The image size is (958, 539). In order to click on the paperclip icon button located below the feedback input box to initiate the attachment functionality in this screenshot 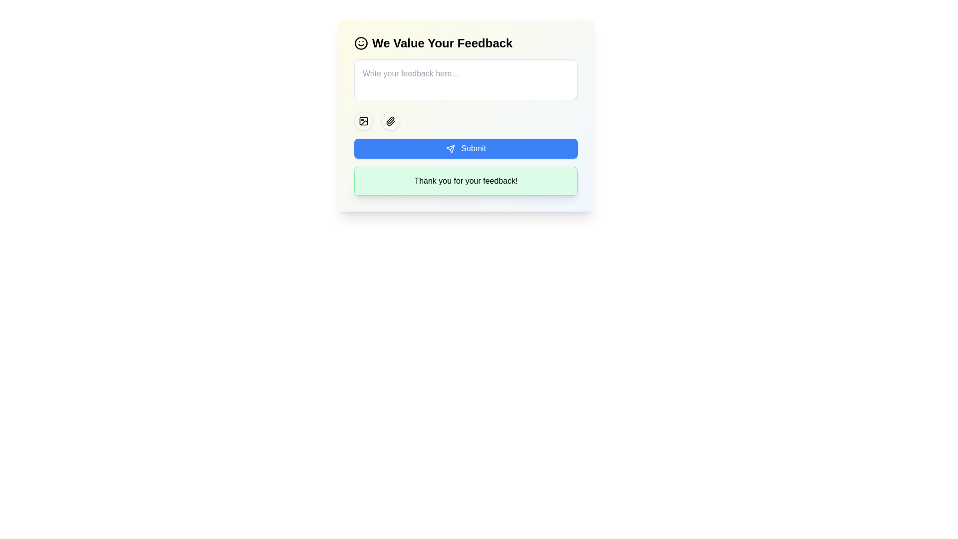, I will do `click(390, 121)`.